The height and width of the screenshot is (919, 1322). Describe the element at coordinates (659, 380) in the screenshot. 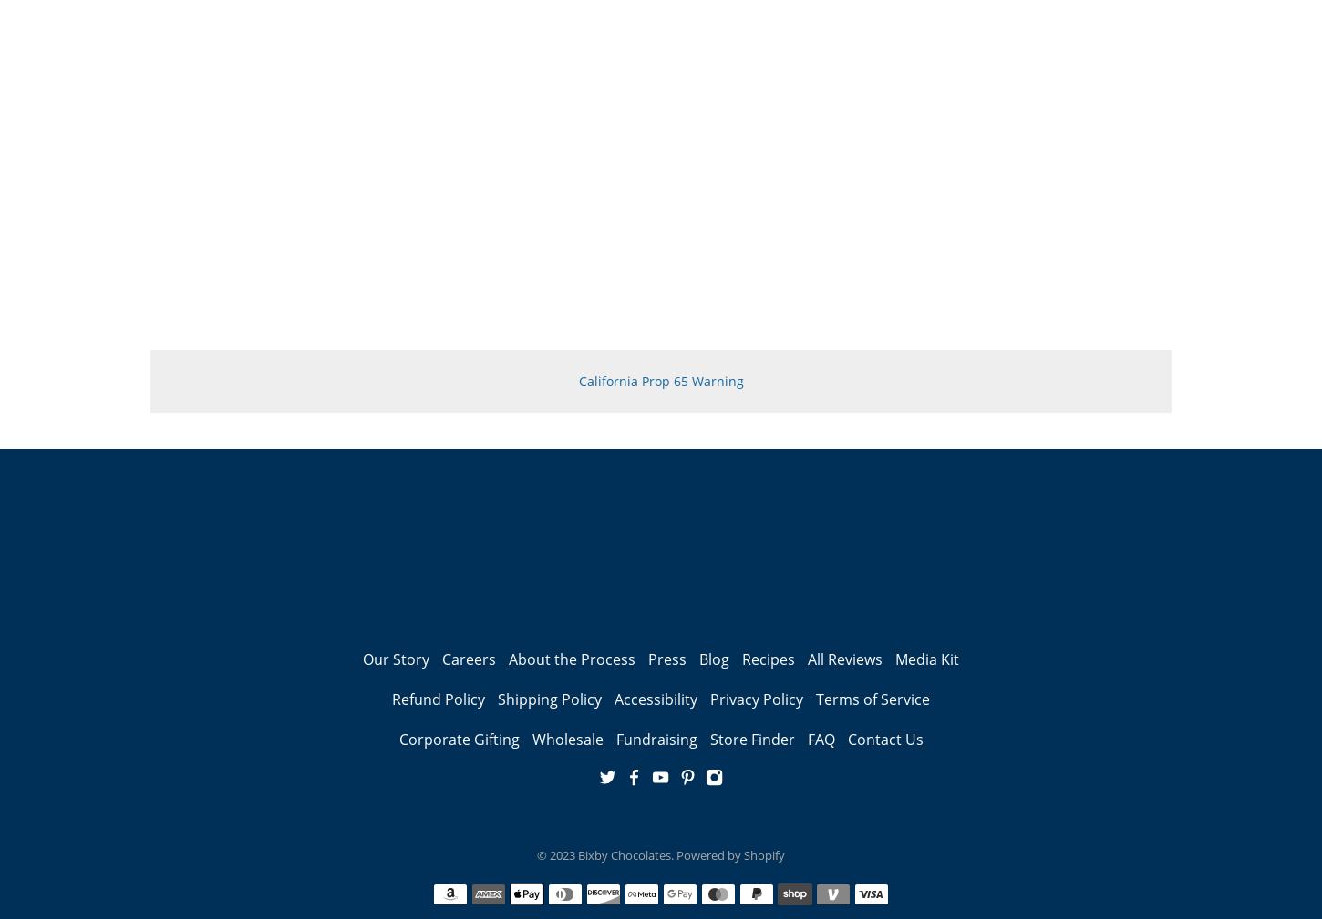

I see `'California Prop 65 Warning'` at that location.